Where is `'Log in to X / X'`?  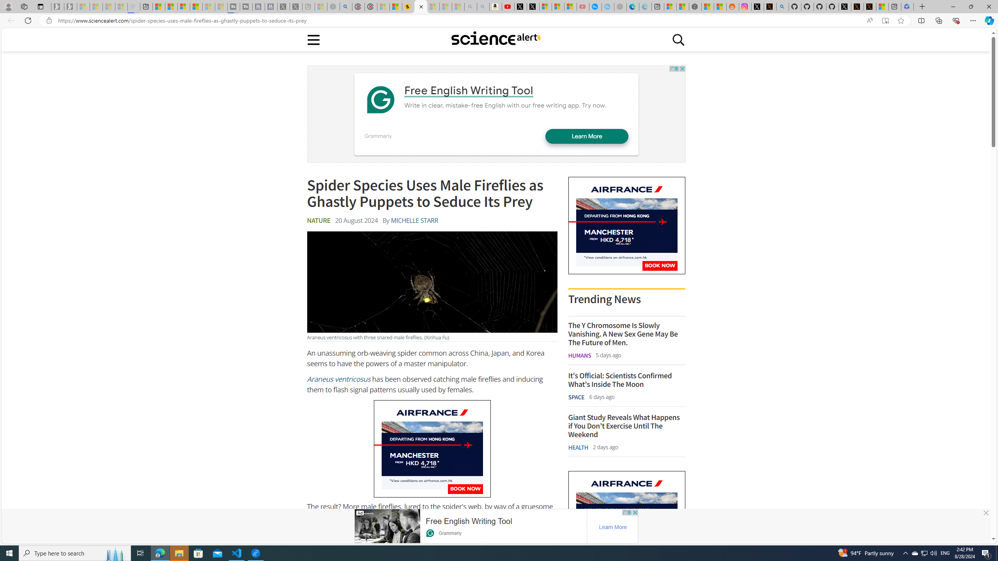
'Log in to X / X' is located at coordinates (758, 6).